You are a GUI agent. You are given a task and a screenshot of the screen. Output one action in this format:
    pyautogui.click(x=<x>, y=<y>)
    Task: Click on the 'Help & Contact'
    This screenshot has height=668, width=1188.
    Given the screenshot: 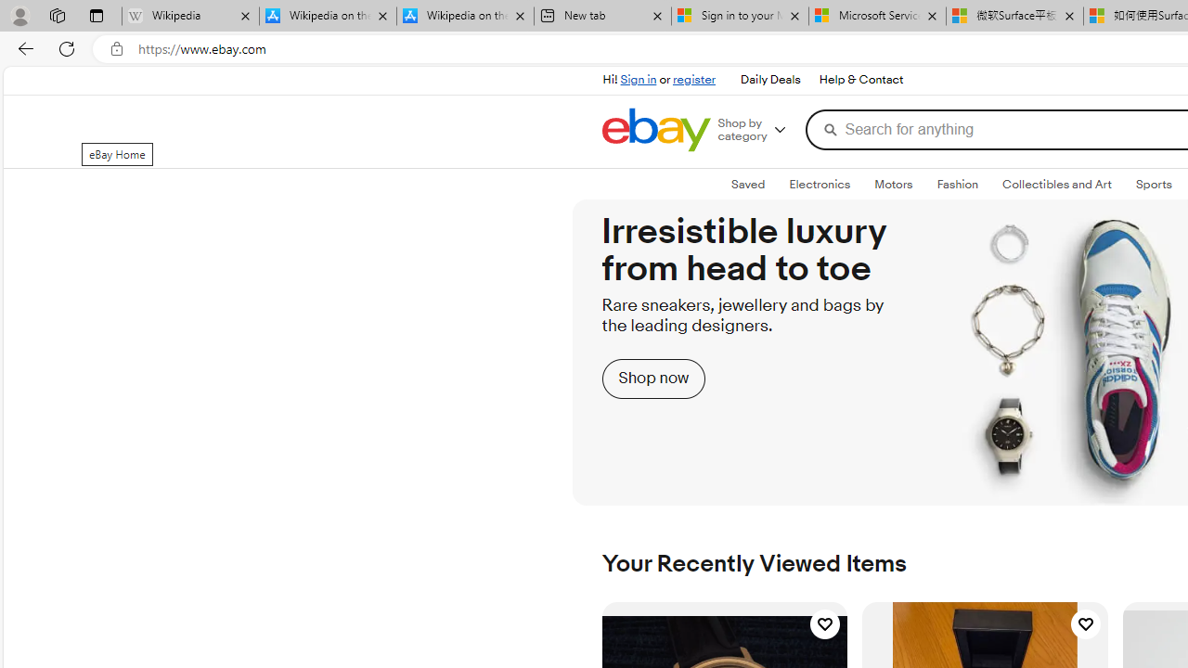 What is the action you would take?
    pyautogui.click(x=859, y=79)
    